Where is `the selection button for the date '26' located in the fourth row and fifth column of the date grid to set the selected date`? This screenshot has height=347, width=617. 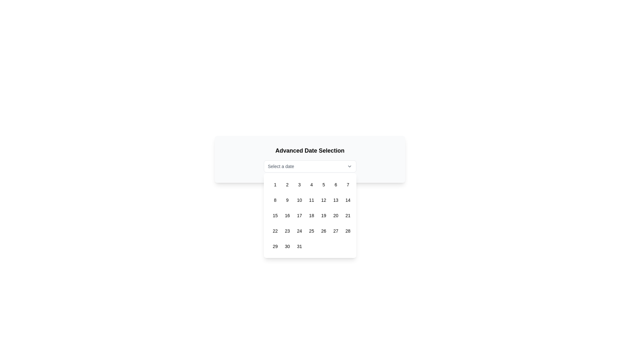
the selection button for the date '26' located in the fourth row and fifth column of the date grid to set the selected date is located at coordinates (324, 230).